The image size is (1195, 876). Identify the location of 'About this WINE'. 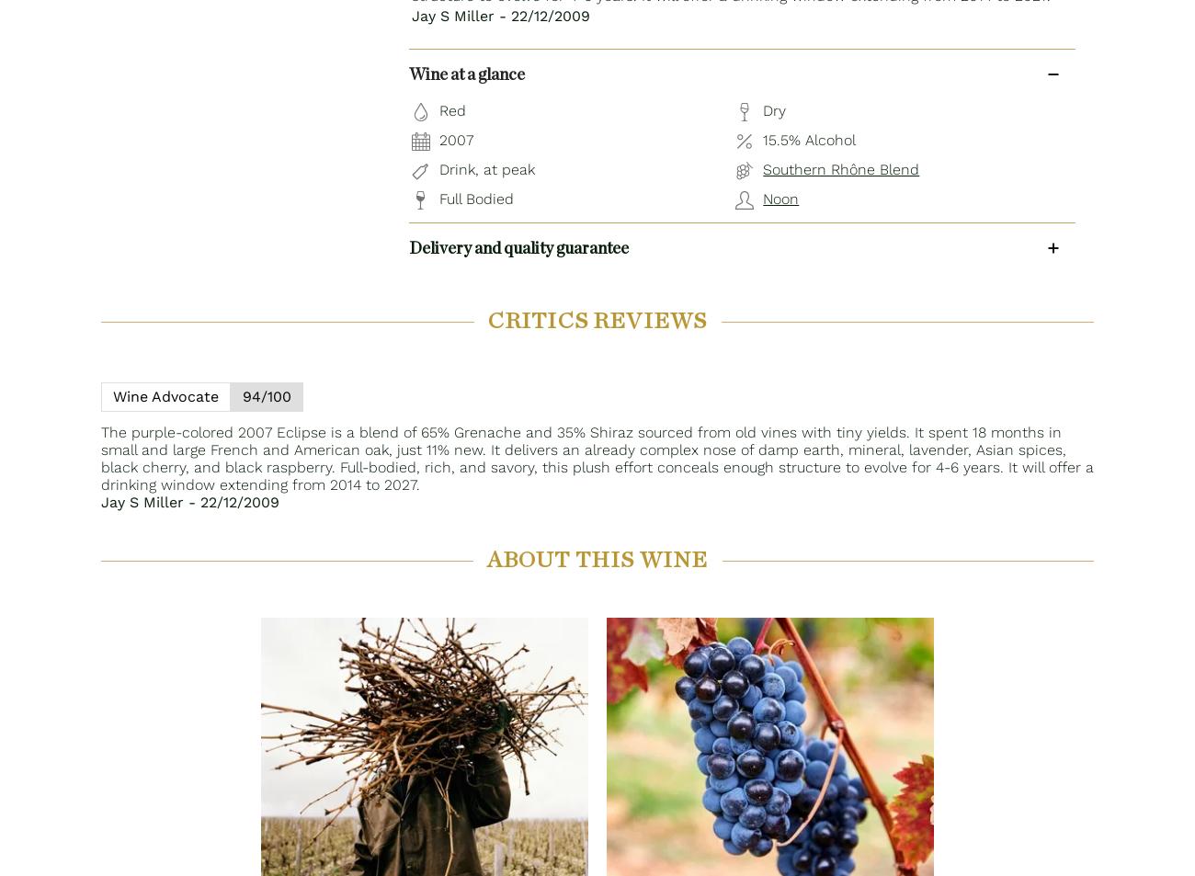
(597, 561).